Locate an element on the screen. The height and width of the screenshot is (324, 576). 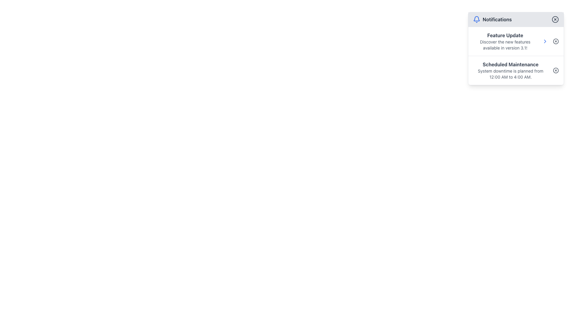
the Text Label that serves as the title for the scheduled maintenance notification, located within the notification card is located at coordinates (510, 64).